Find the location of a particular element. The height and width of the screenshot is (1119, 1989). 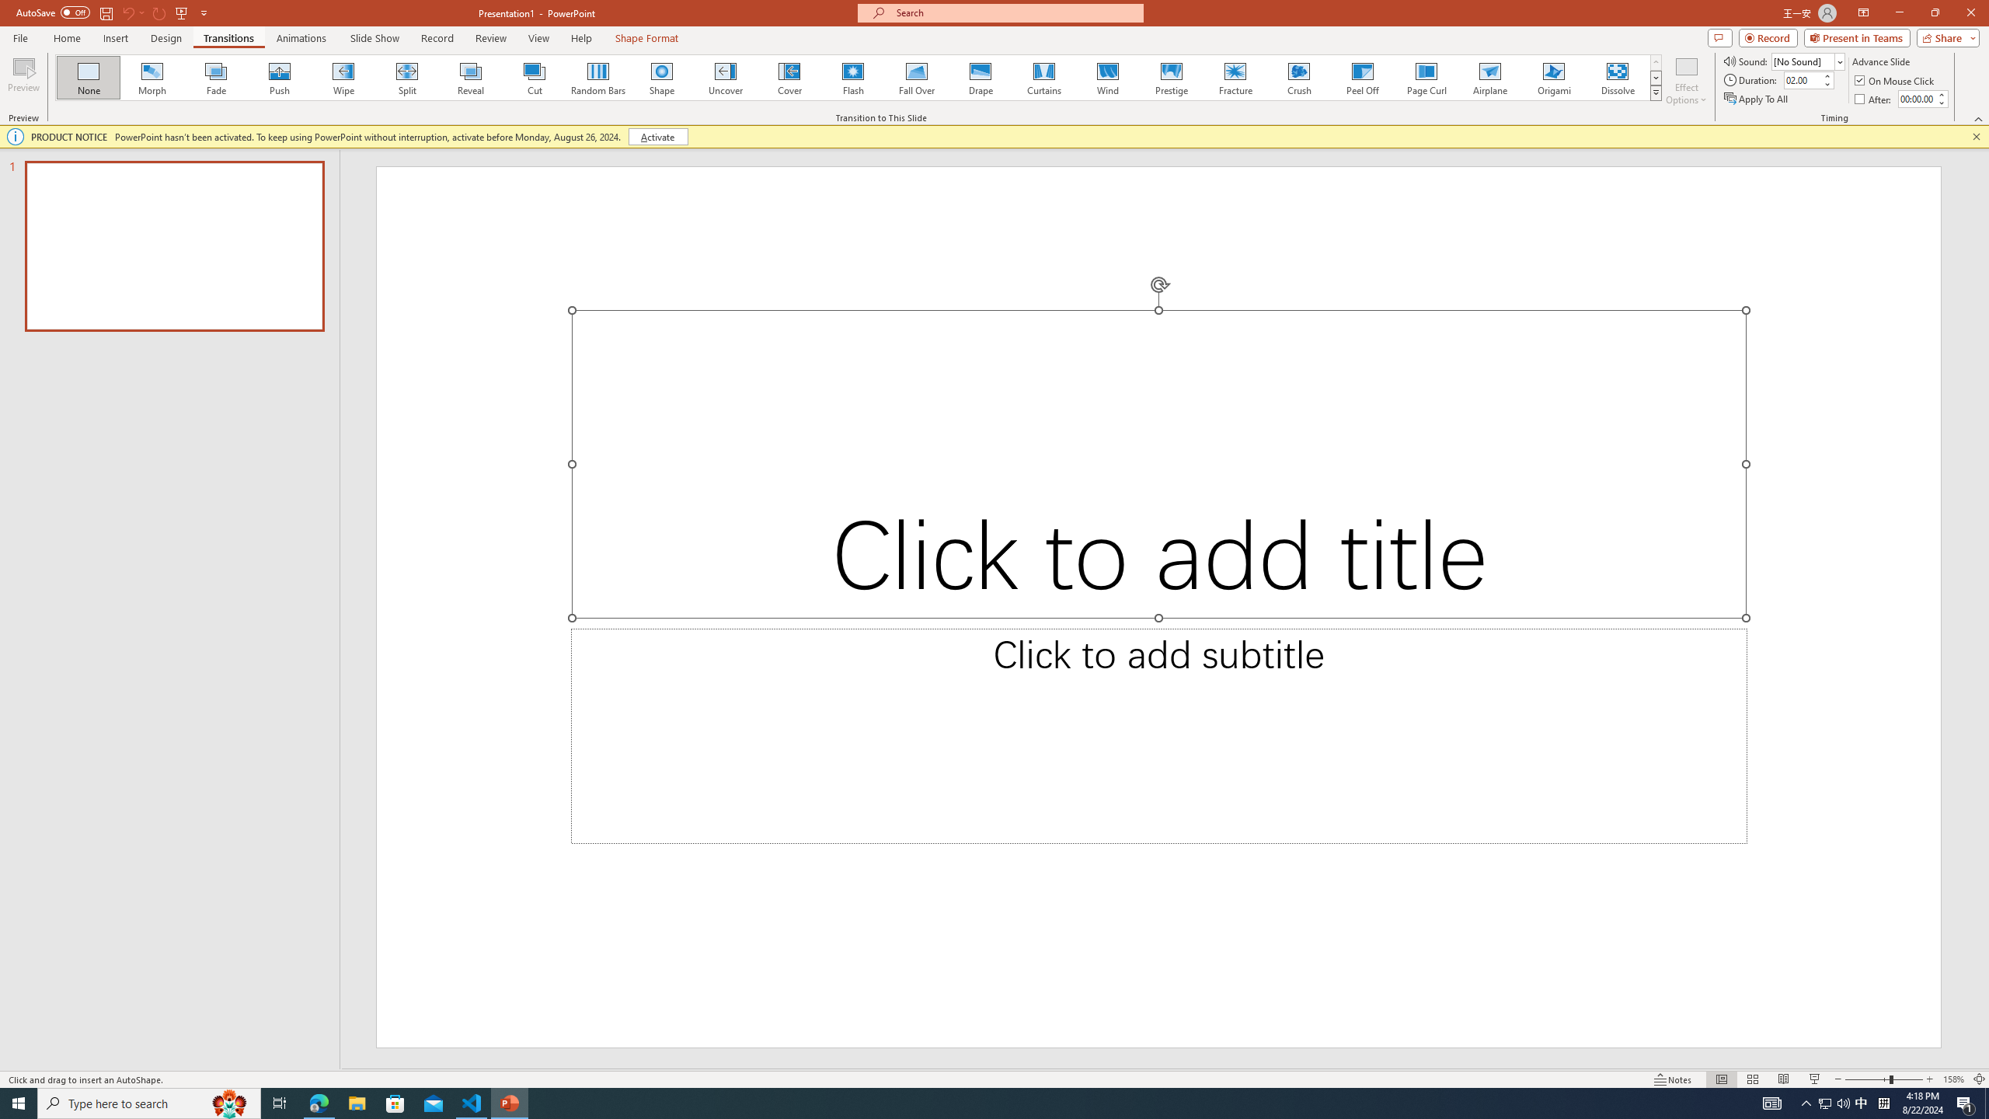

'Prestige' is located at coordinates (1171, 77).